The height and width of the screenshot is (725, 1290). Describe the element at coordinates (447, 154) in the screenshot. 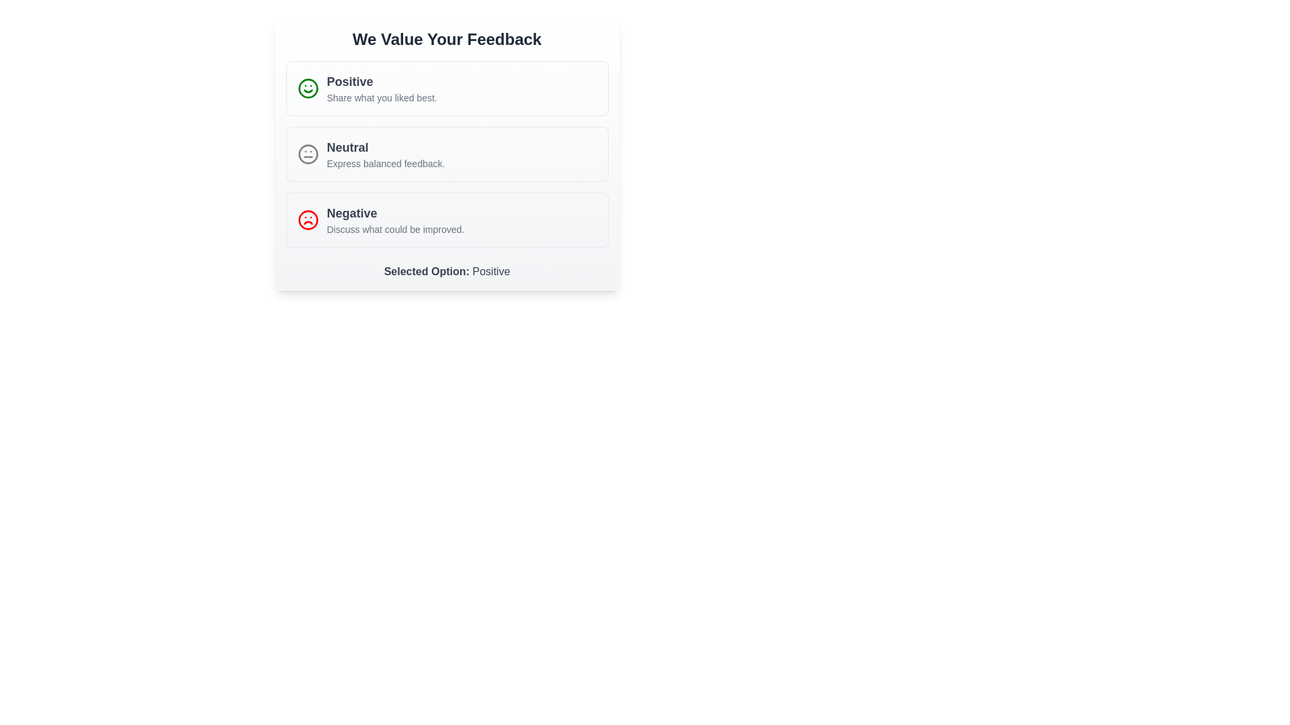

I see `the option for selecting neutral feedback sentiment, which is the second row in a vertically-aligned list of three feedback options, positioned below 'Positive' and above 'Negative'` at that location.